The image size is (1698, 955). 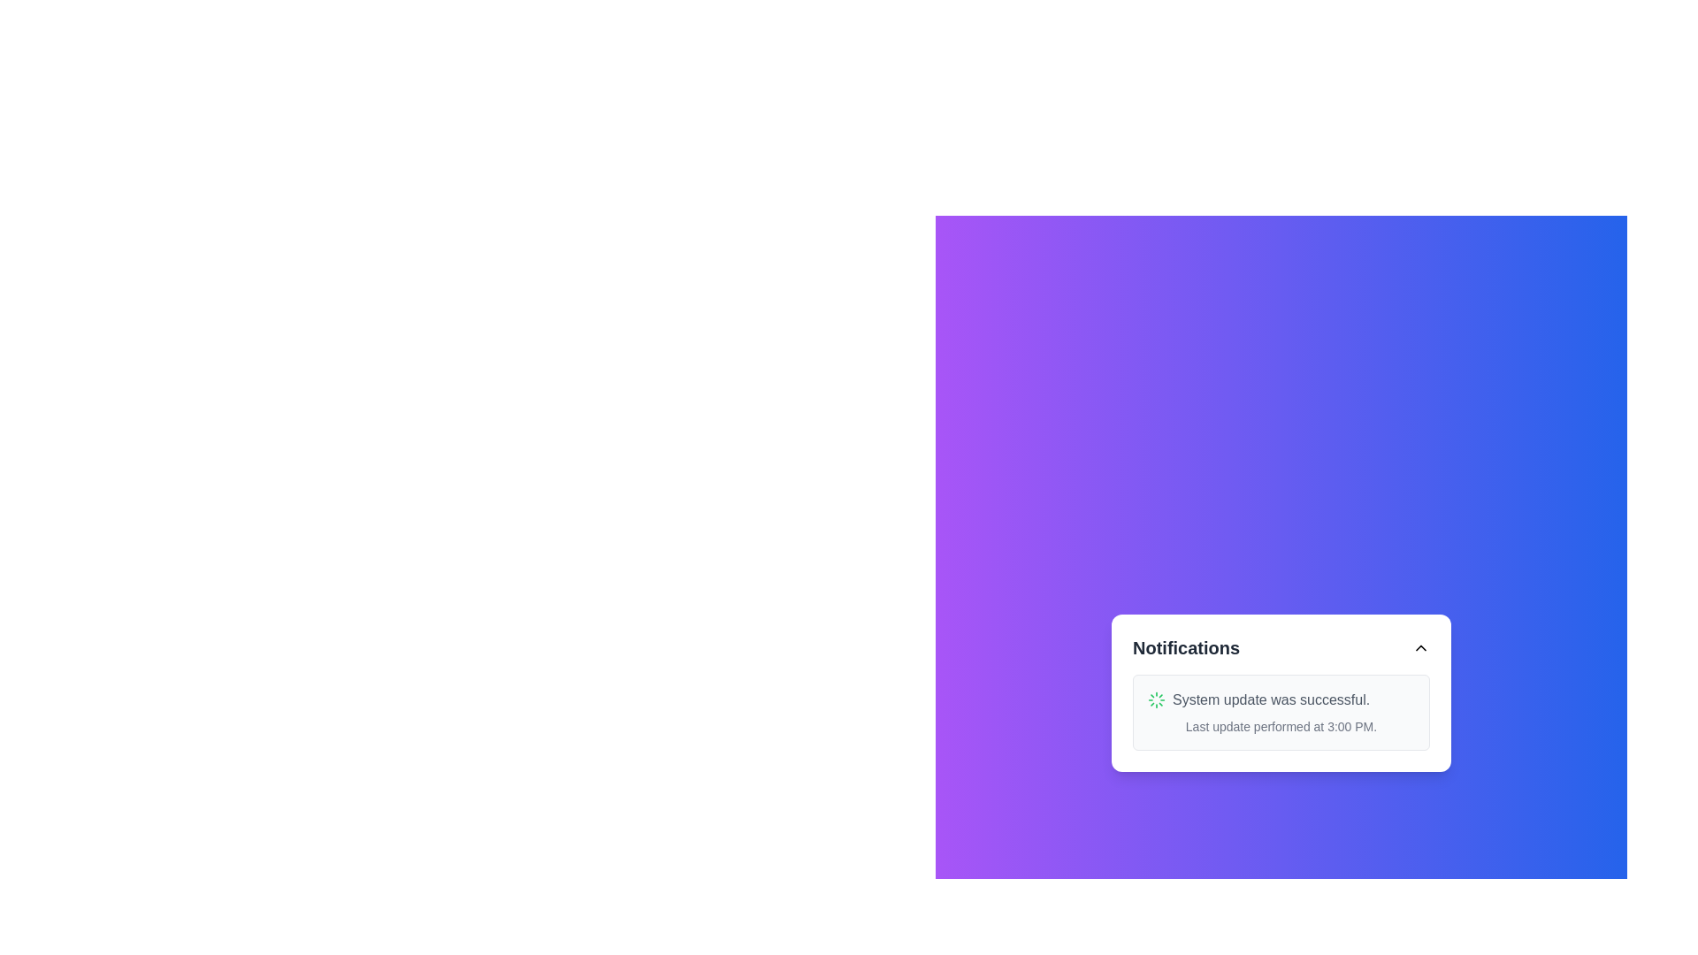 What do you see at coordinates (1281, 726) in the screenshot?
I see `the text label displaying 'Last update performed at 3:00 PM.' which is styled with a gray font color and located within the notification card below the primary message 'System update was successful.'` at bounding box center [1281, 726].